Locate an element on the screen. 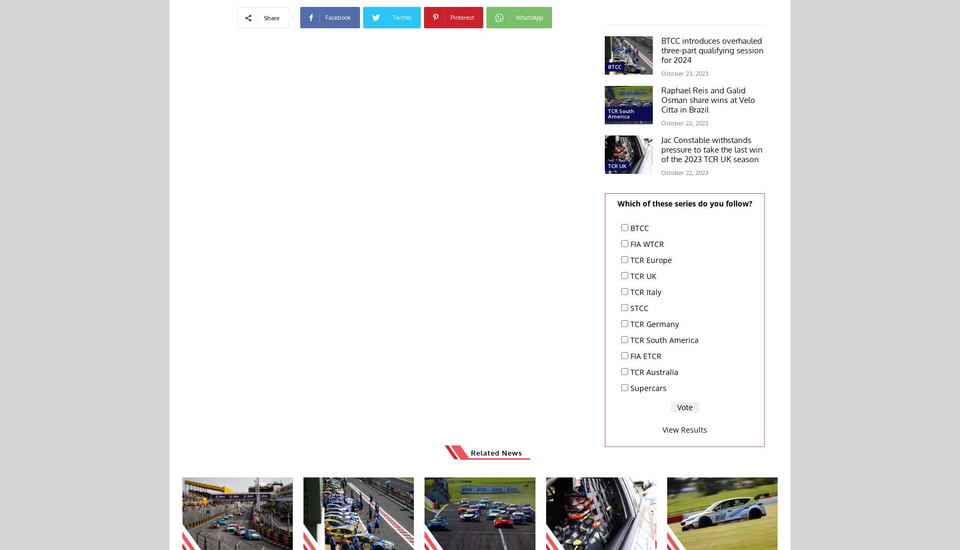 Image resolution: width=960 pixels, height=550 pixels. 'TCR Germany' is located at coordinates (654, 323).